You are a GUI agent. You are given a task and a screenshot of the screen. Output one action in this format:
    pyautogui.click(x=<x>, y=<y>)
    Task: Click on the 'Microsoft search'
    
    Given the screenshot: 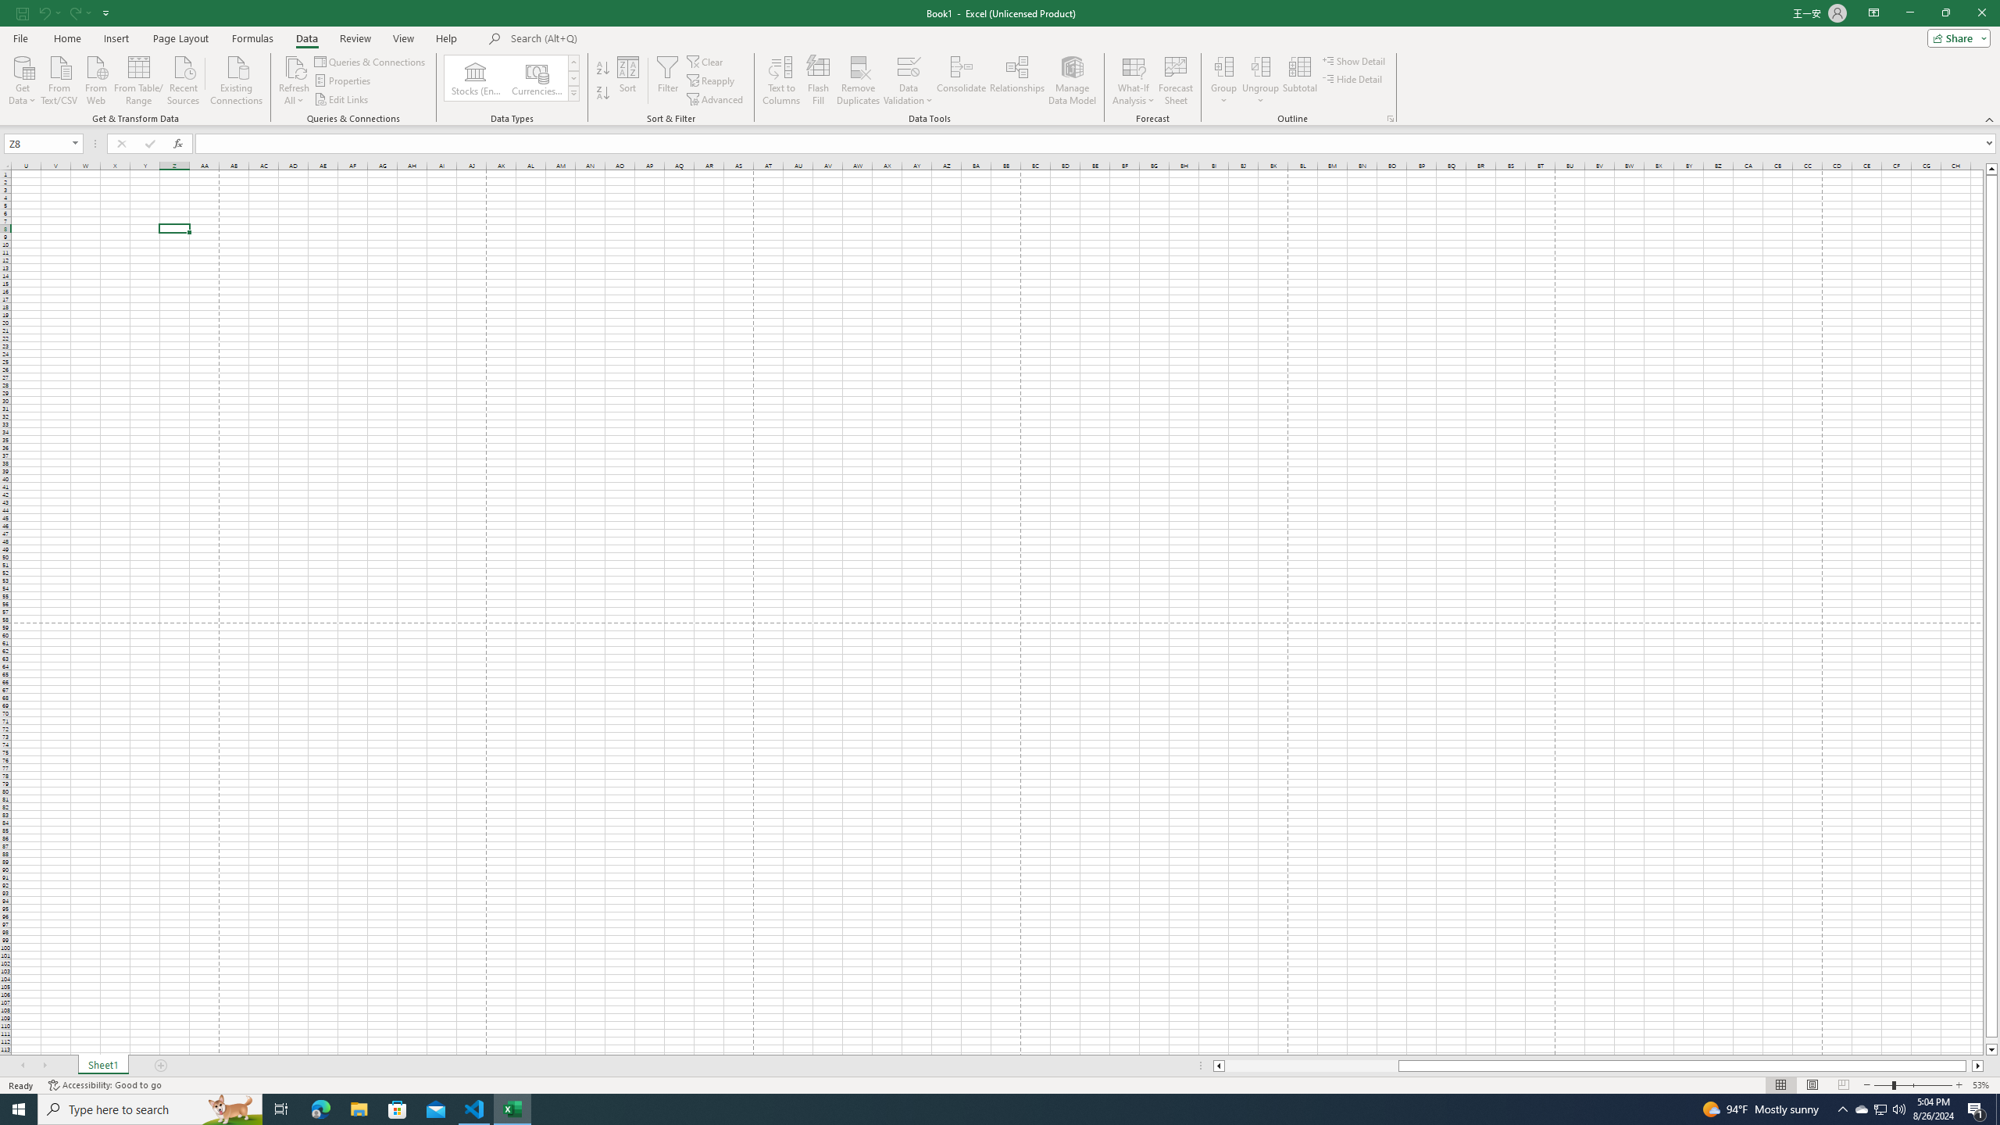 What is the action you would take?
    pyautogui.click(x=618, y=38)
    